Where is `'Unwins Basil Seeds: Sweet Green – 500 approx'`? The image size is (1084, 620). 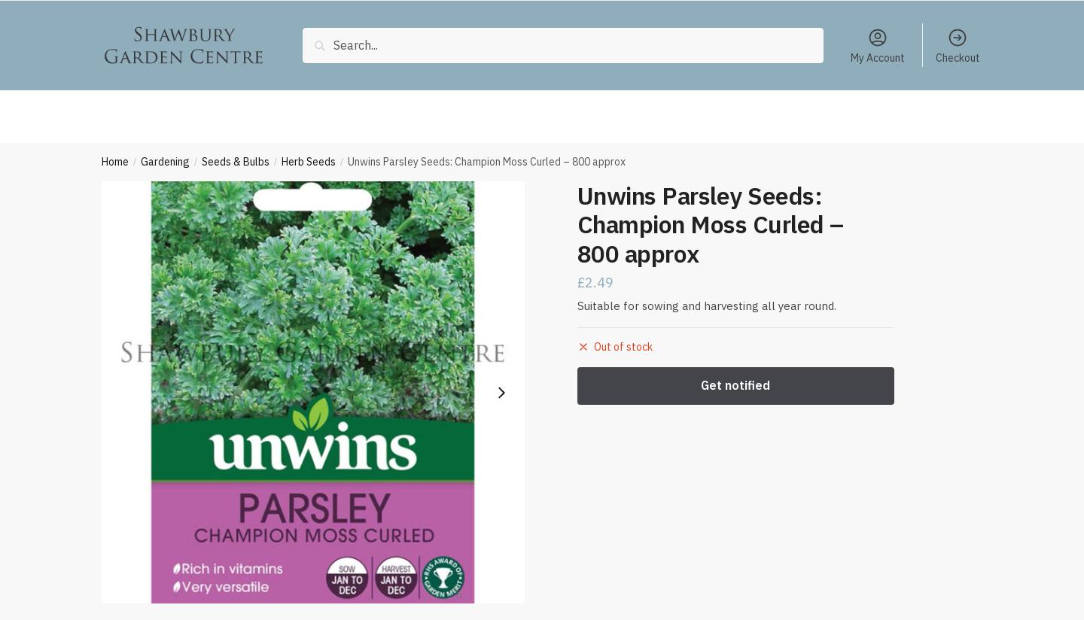
'Unwins Basil Seeds: Sweet Green – 500 approx' is located at coordinates (648, 568).